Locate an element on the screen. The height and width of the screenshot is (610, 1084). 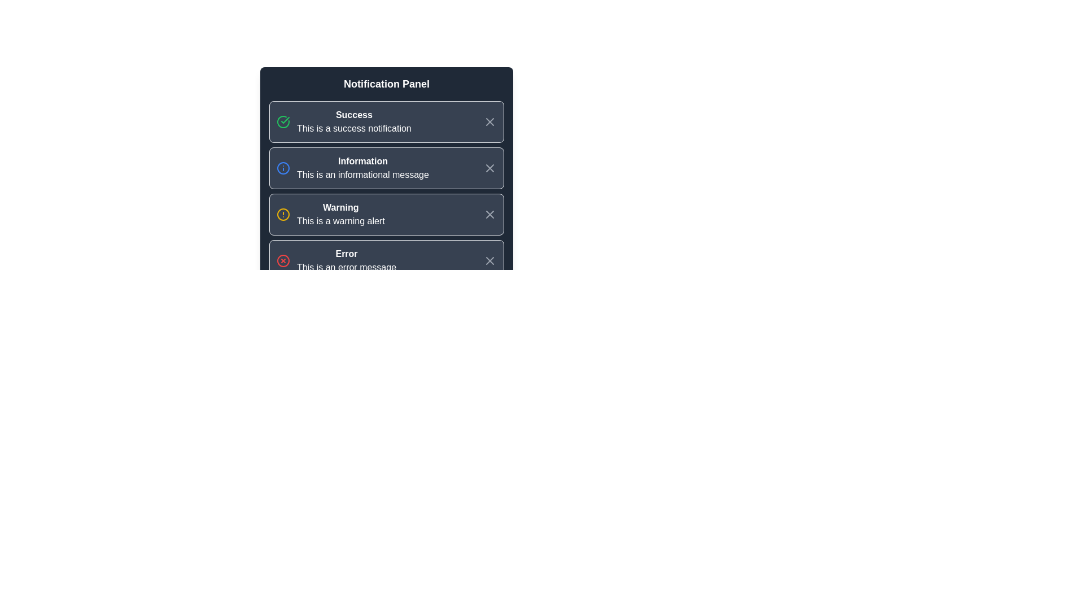
the Notification banner that features a yellow circle with an exclamation mark, the heading 'Warning' in bold, and the subtext 'This is a warning alert'. It is the third element in a vertical list within the notification panel is located at coordinates (330, 215).